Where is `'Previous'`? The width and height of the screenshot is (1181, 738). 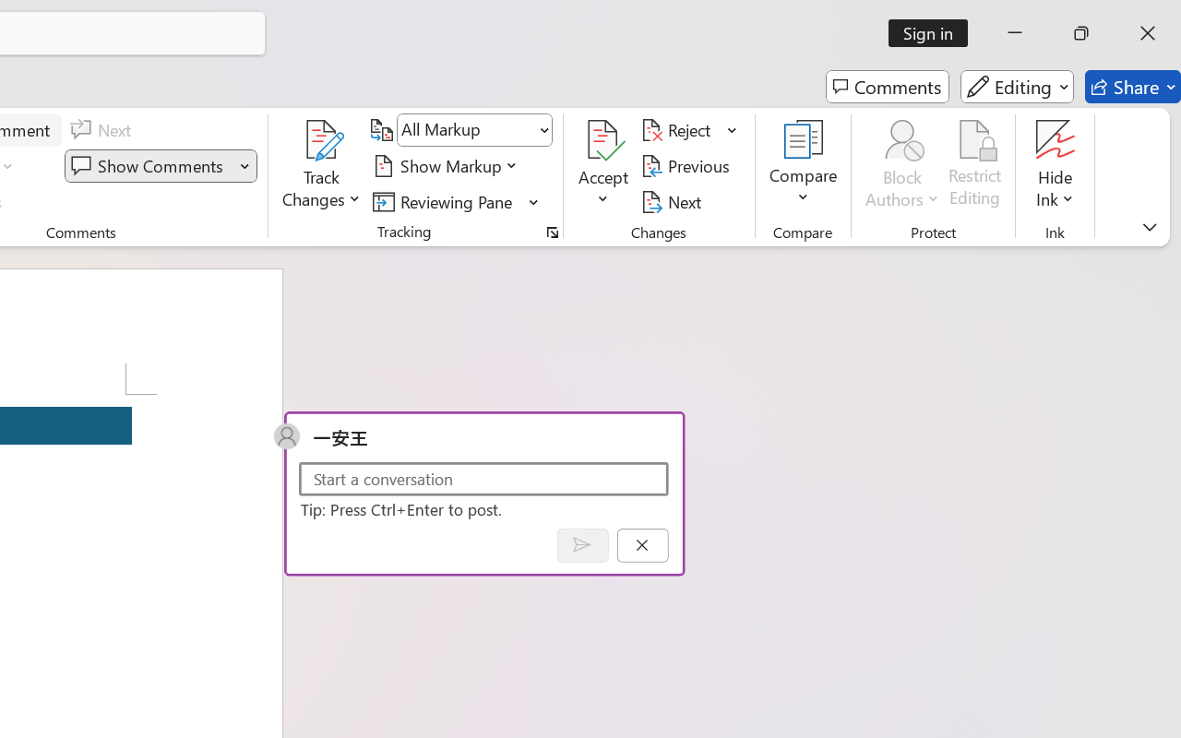 'Previous' is located at coordinates (687, 165).